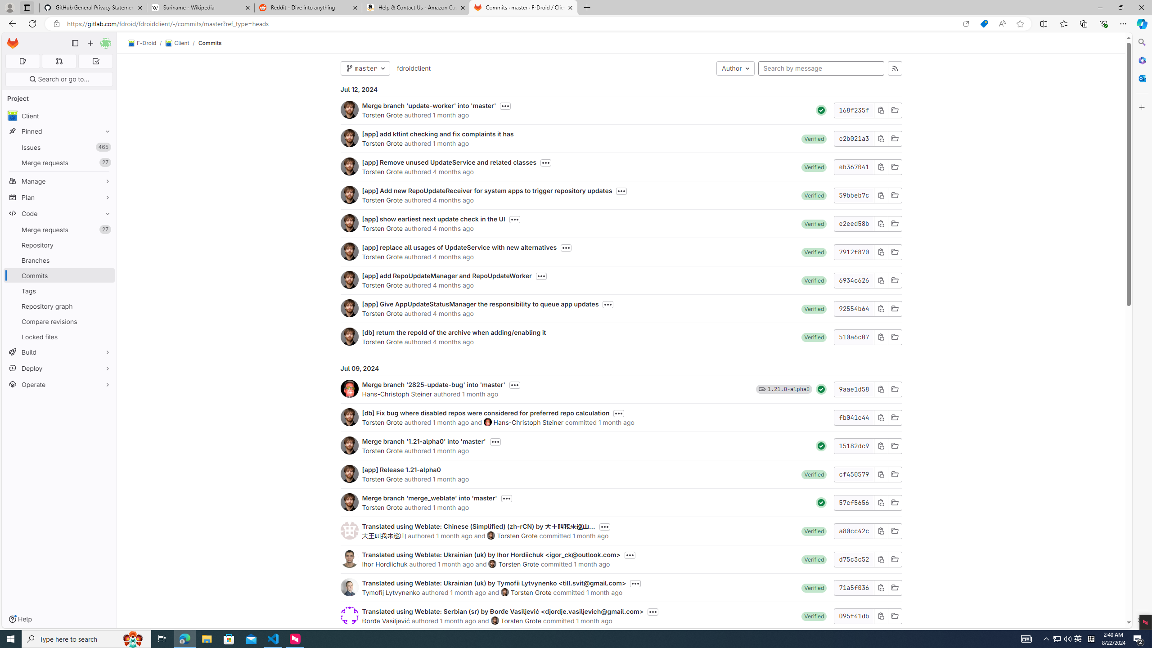  Describe the element at coordinates (210, 43) in the screenshot. I see `'Commits'` at that location.